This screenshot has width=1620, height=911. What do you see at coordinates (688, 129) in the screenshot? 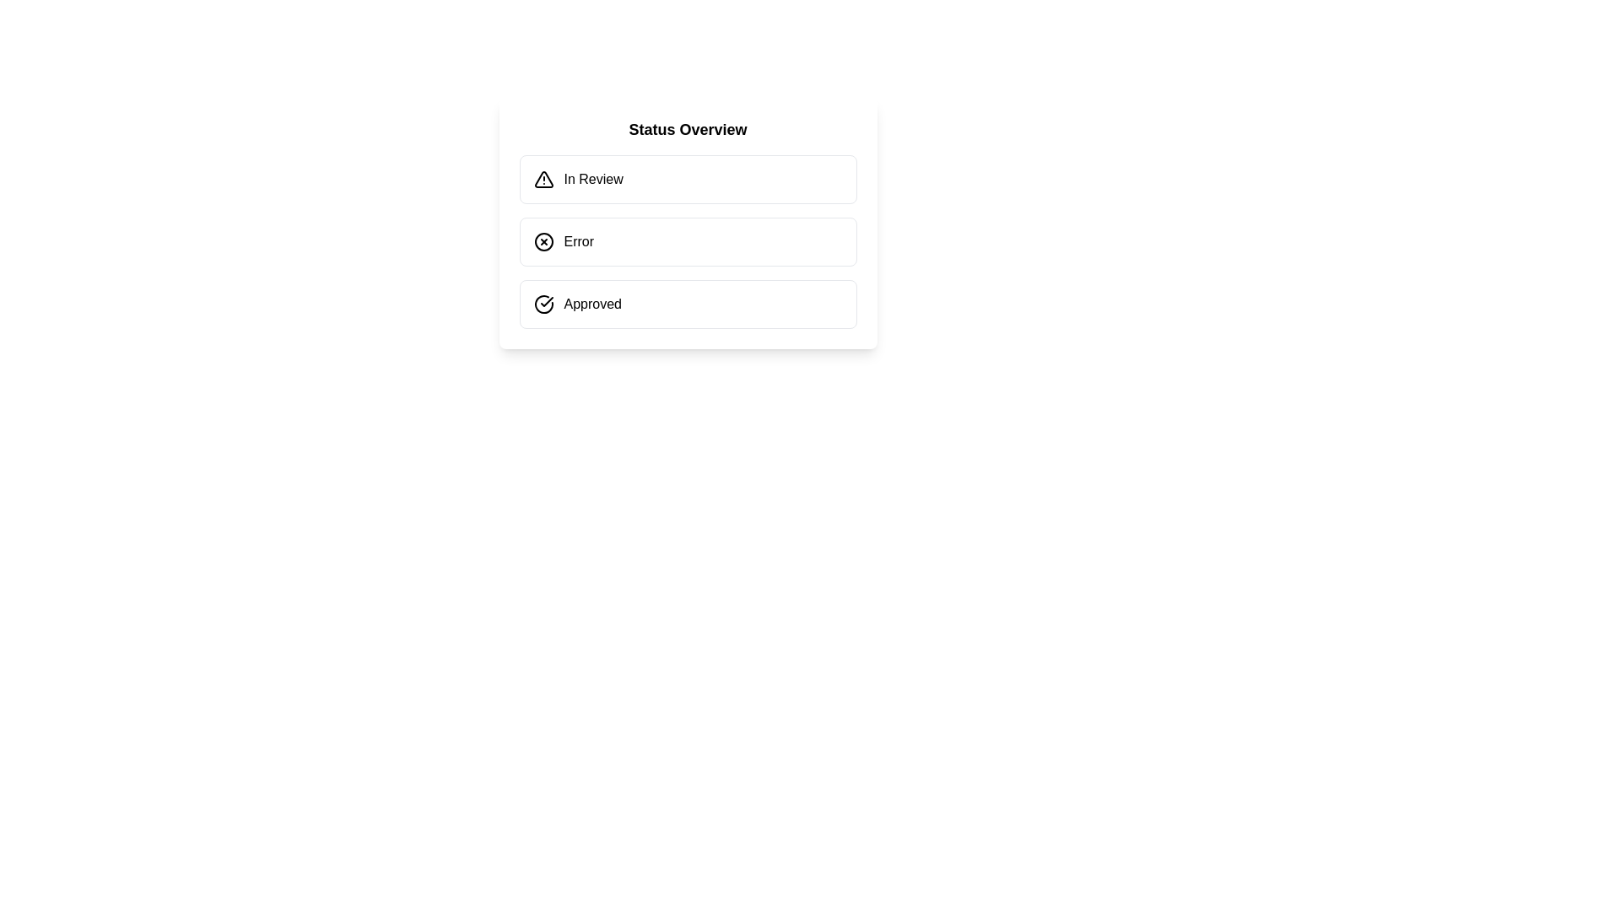
I see `the 'Status Overview' text label, which serves as the header of the card, styled in large, bold font and positioned at the top of the card layout` at bounding box center [688, 129].